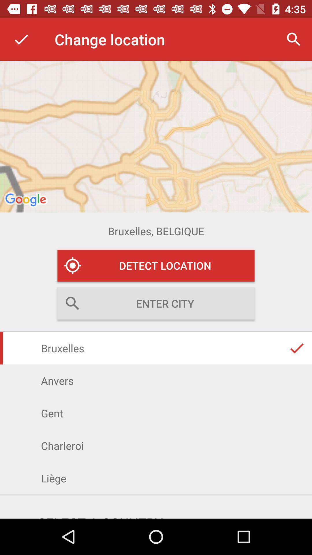 The height and width of the screenshot is (555, 312). What do you see at coordinates (156, 265) in the screenshot?
I see `the red colored button at middle of the page` at bounding box center [156, 265].